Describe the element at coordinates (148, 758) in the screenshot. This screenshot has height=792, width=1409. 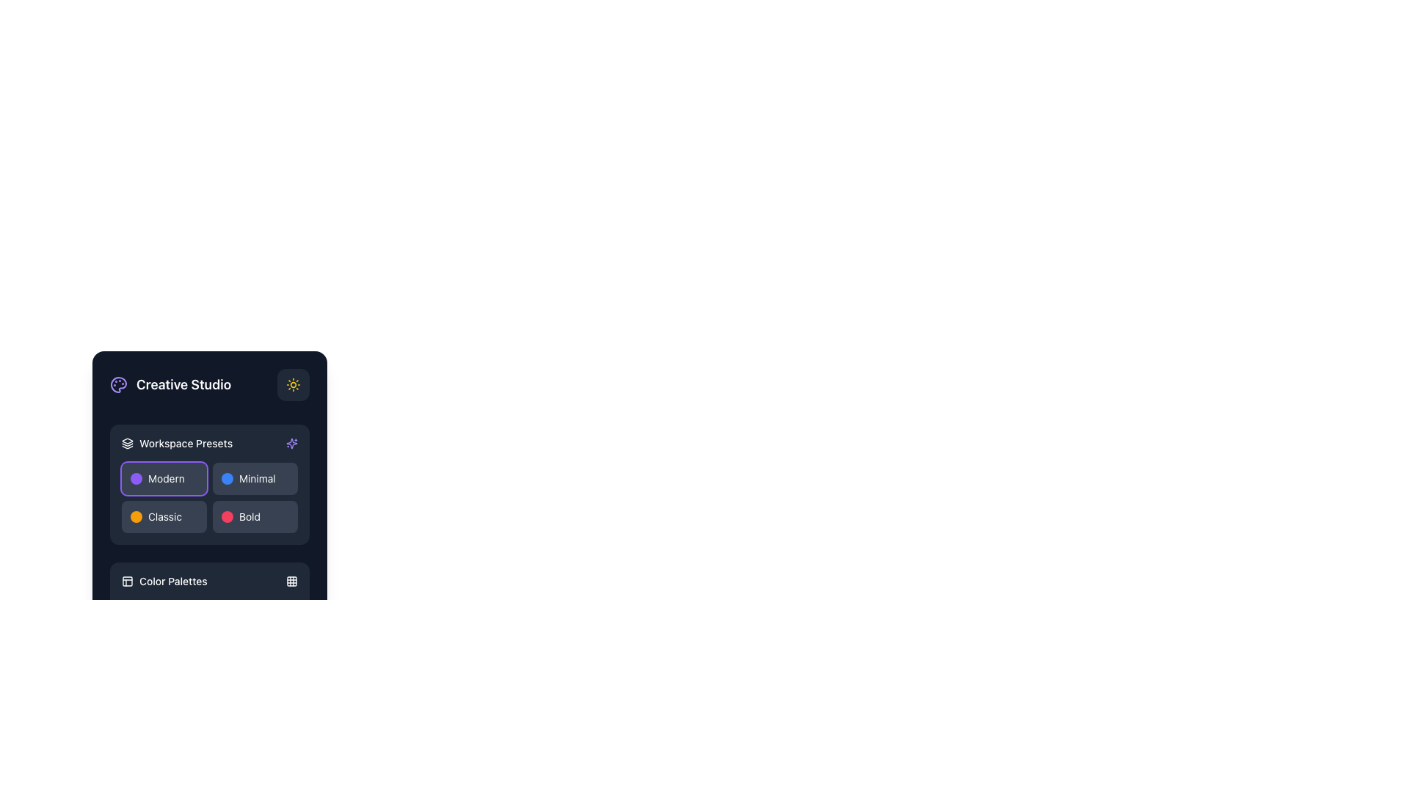
I see `the 'Opacity' label with the eye icon` at that location.